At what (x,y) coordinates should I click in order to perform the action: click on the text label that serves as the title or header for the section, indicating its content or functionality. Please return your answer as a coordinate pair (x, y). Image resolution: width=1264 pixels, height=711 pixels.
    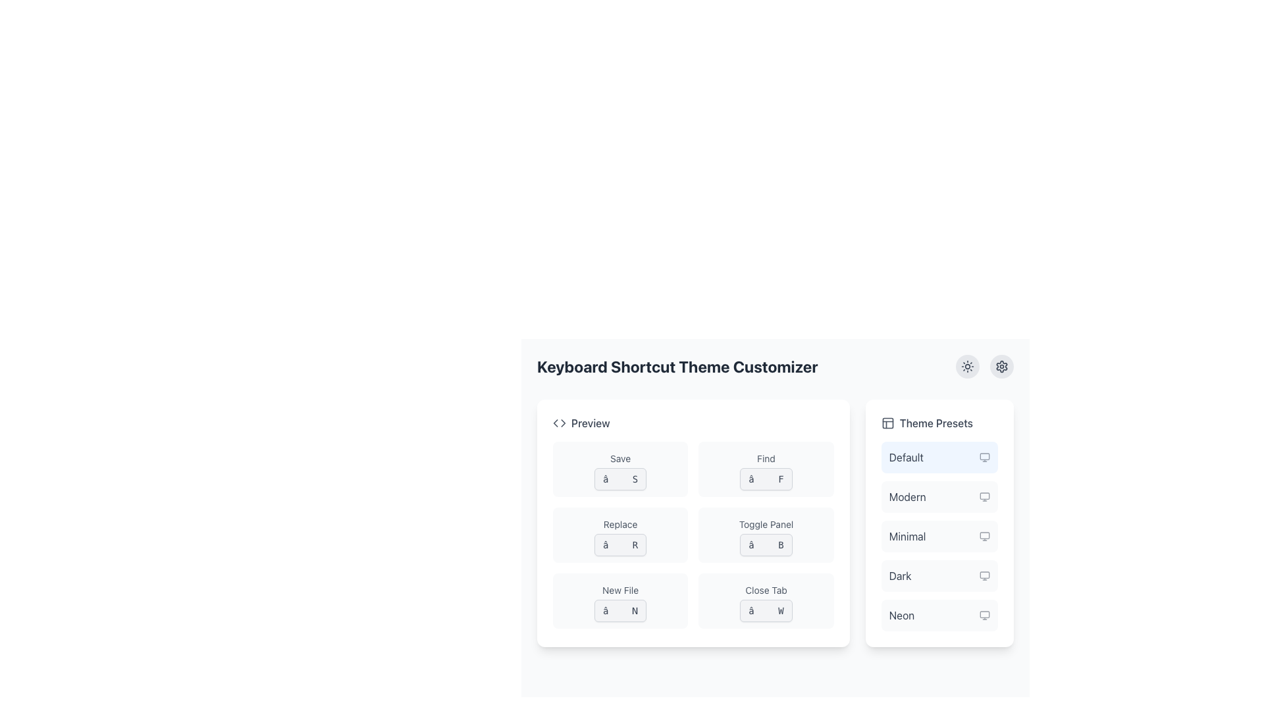
    Looking at the image, I should click on (677, 366).